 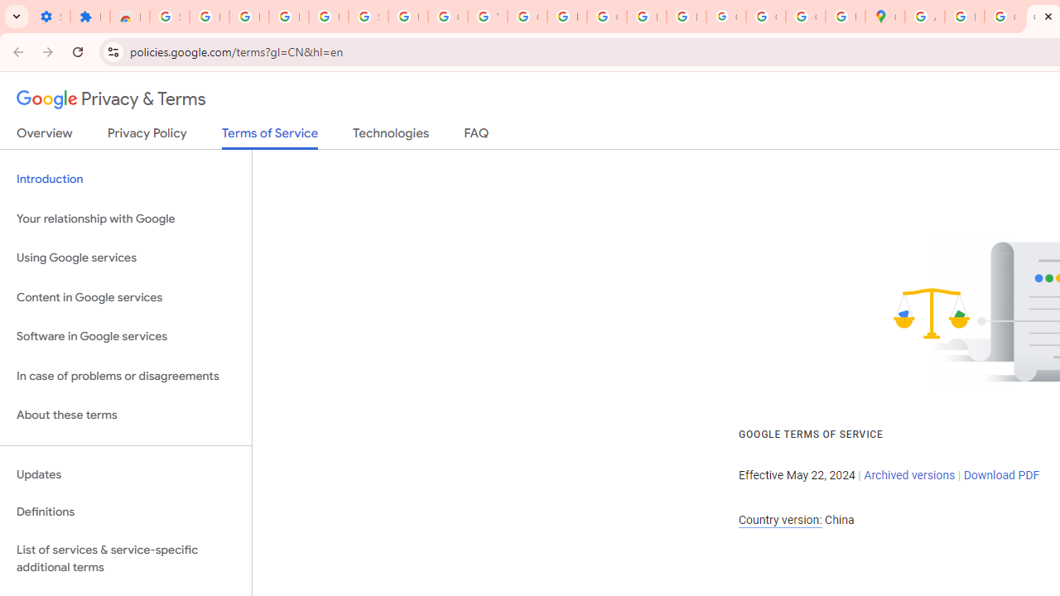 What do you see at coordinates (50, 17) in the screenshot?
I see `'Settings - On startup'` at bounding box center [50, 17].